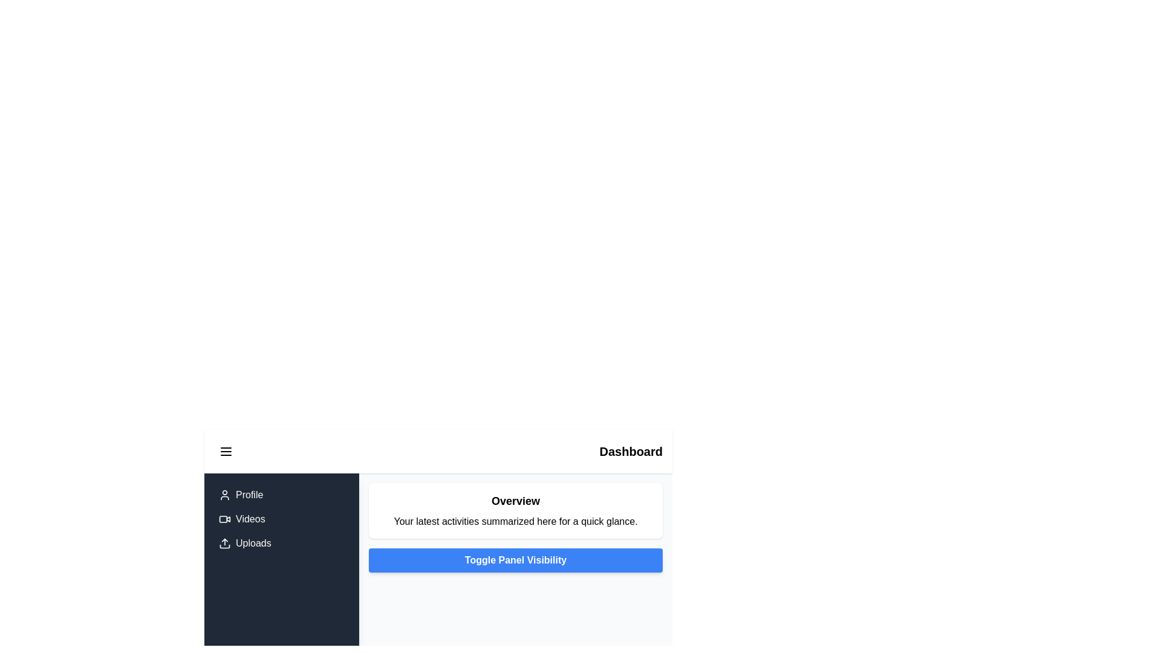 This screenshot has width=1161, height=653. I want to click on the second rectangular SVG shape that is part of the video icon on the sidebar menu, so click(223, 519).